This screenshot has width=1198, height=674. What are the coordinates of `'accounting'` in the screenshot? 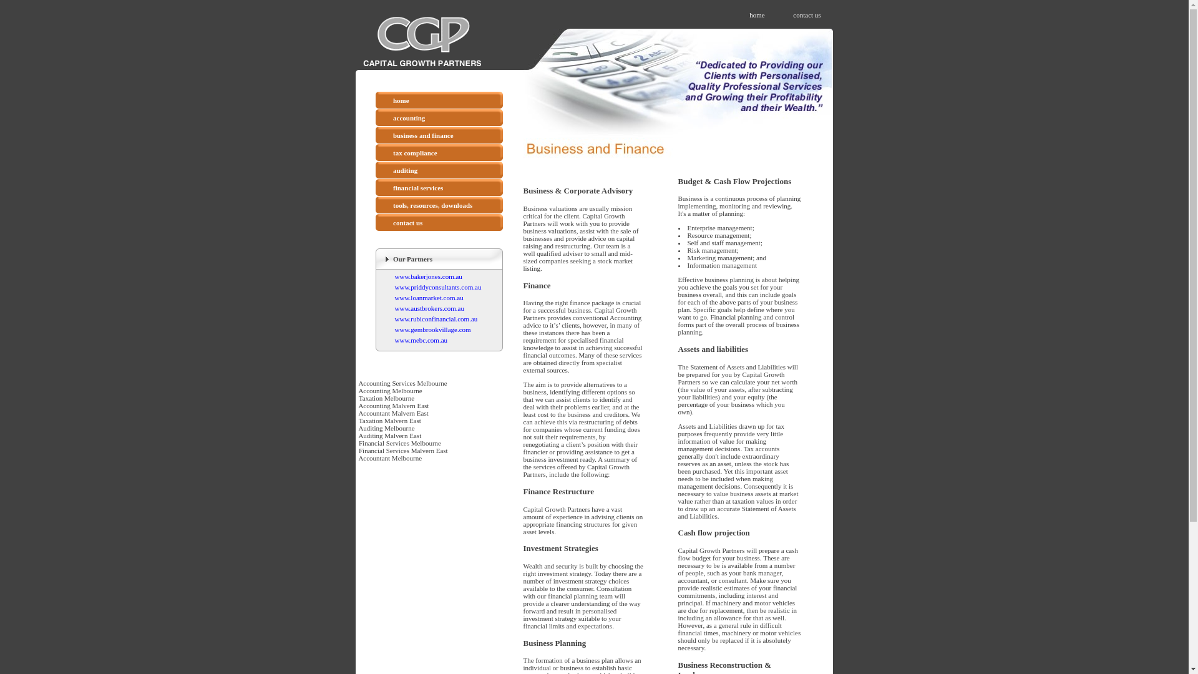 It's located at (392, 118).